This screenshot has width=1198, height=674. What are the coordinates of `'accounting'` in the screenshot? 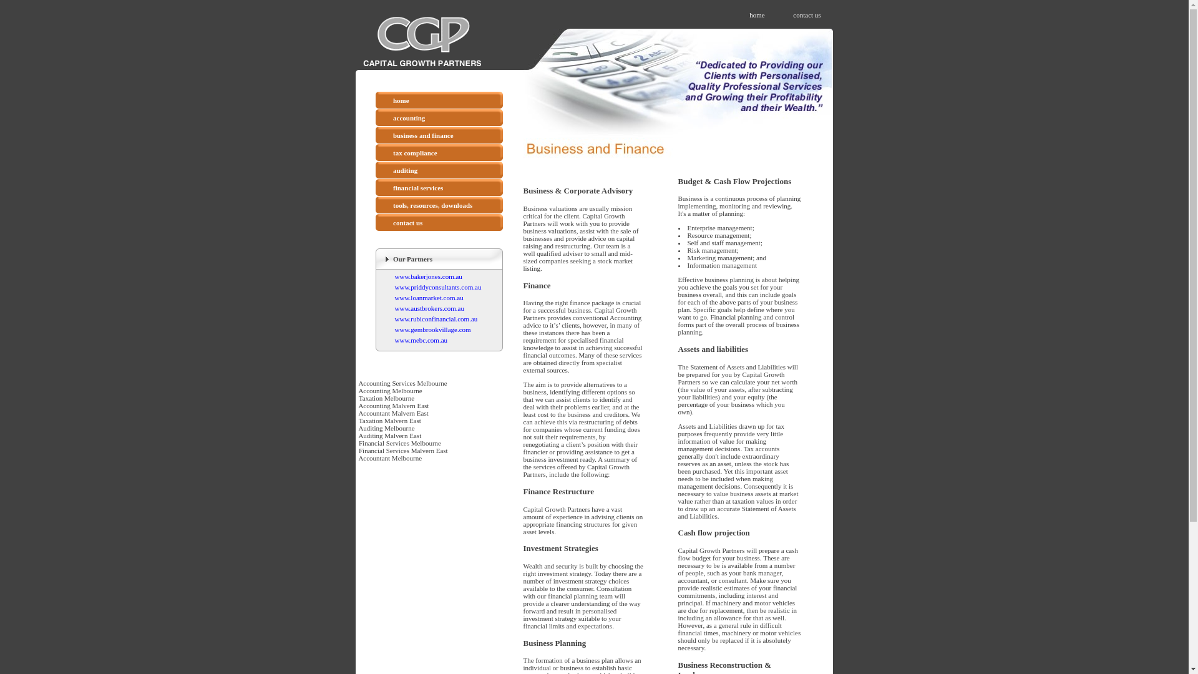 It's located at (392, 118).